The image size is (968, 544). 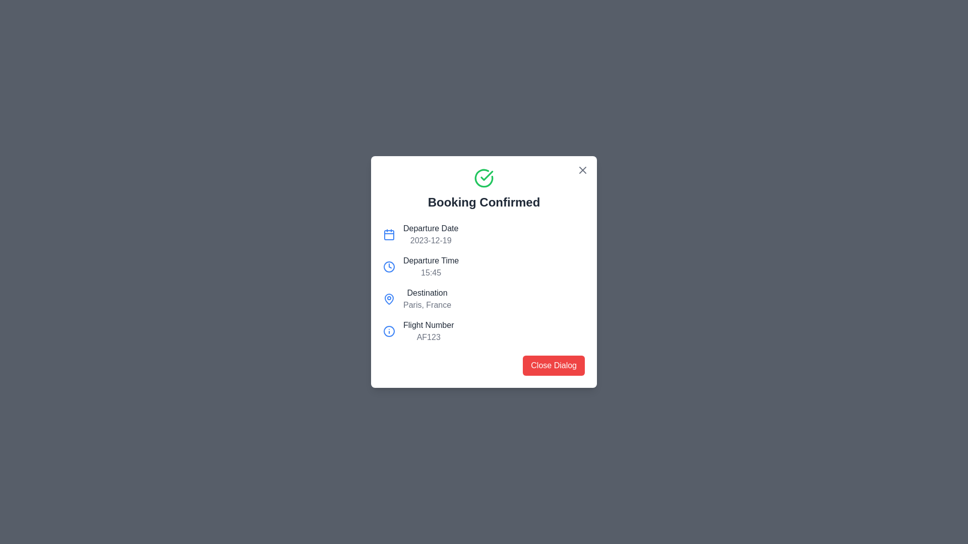 I want to click on the static text display that shows the departure time for a booking, located below the 'Departure Time' label in the booking details confirmation card, so click(x=431, y=273).